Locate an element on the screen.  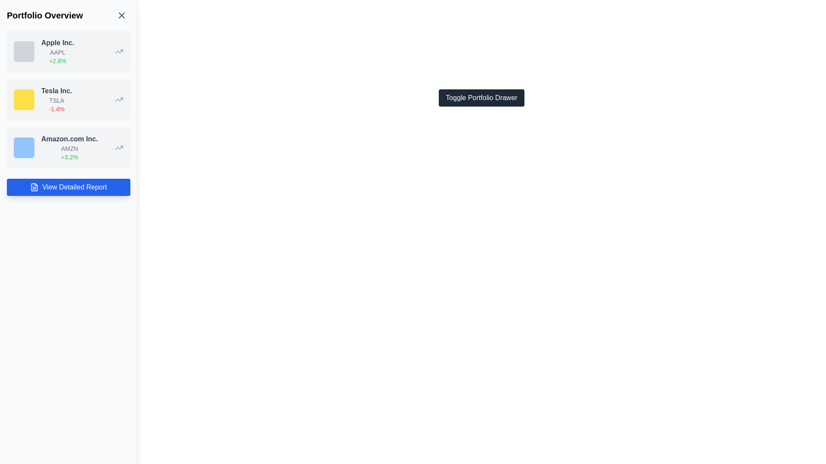
the stock ticker symbol label displaying 'AMZN' for 'Amazon.com Inc.' located beneath the company name and above the percentage change in the stock overview list is located at coordinates (69, 148).